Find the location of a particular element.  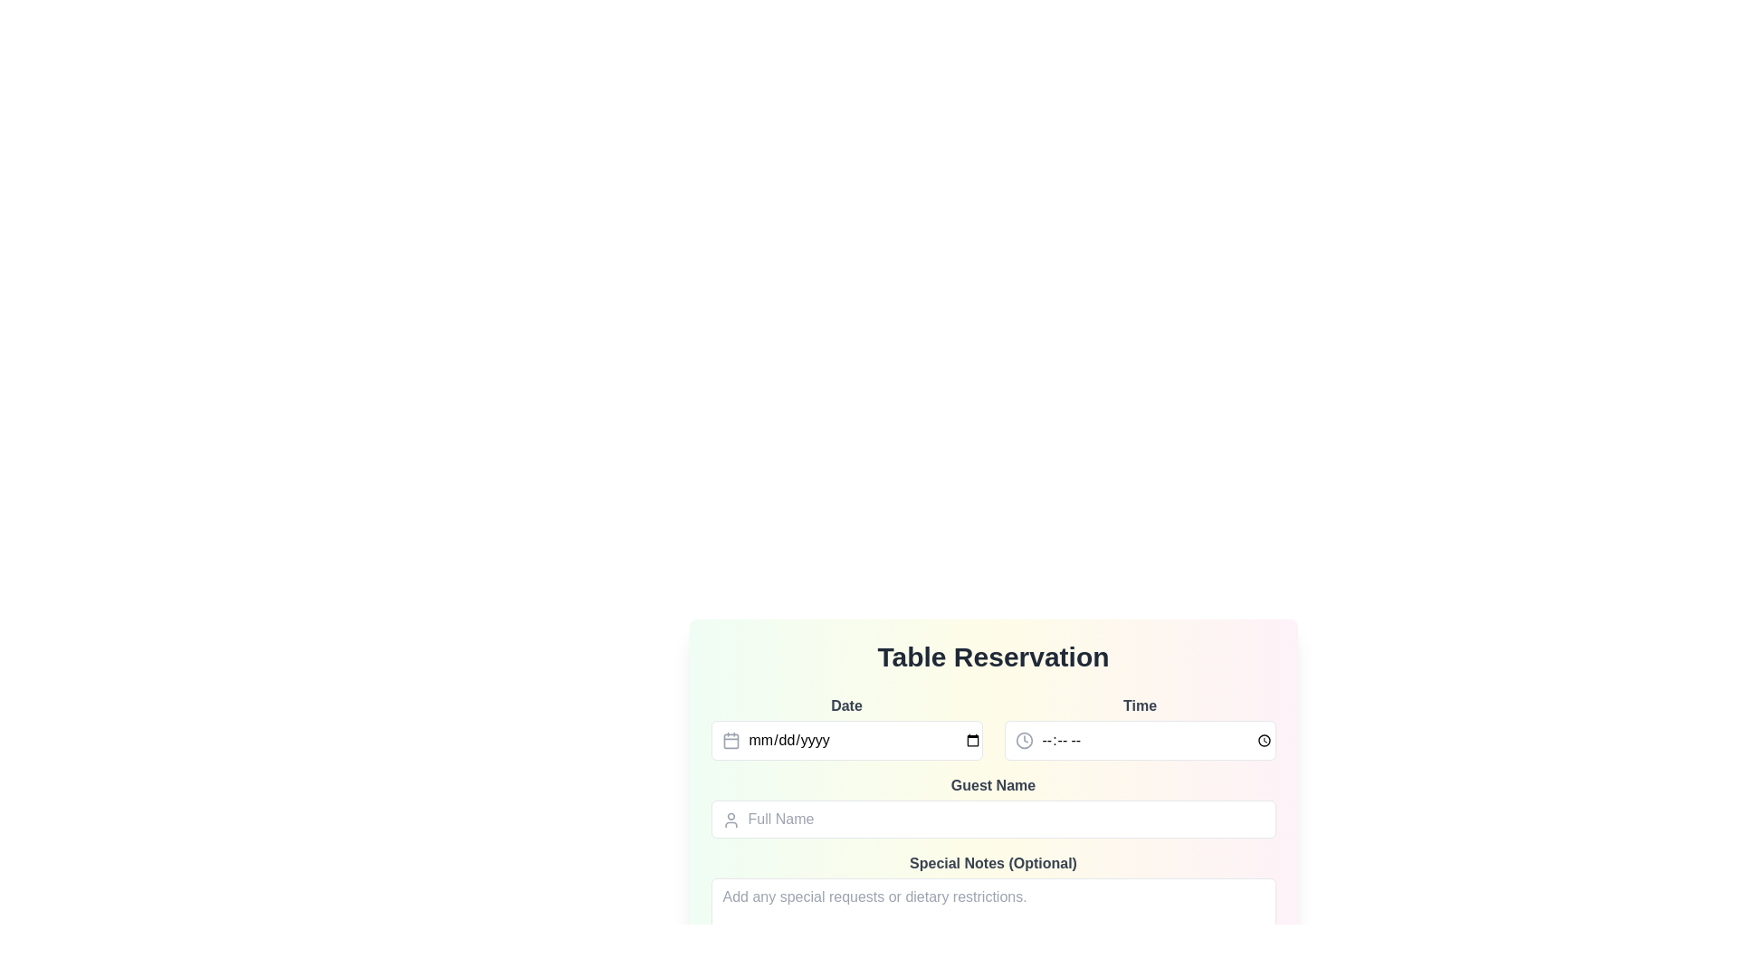

the date input field with the placeholder 'mm/dd/yyyy' to focus and type a date is located at coordinates (845, 740).